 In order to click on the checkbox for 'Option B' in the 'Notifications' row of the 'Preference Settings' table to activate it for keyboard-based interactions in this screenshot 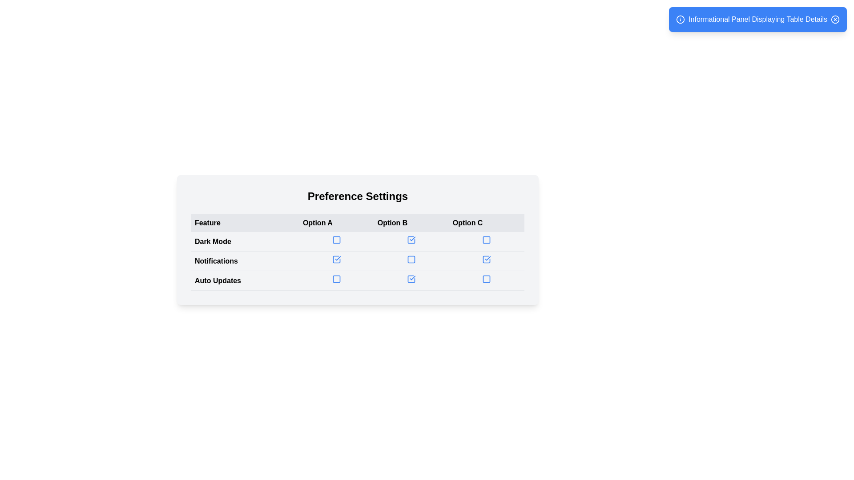, I will do `click(411, 259)`.